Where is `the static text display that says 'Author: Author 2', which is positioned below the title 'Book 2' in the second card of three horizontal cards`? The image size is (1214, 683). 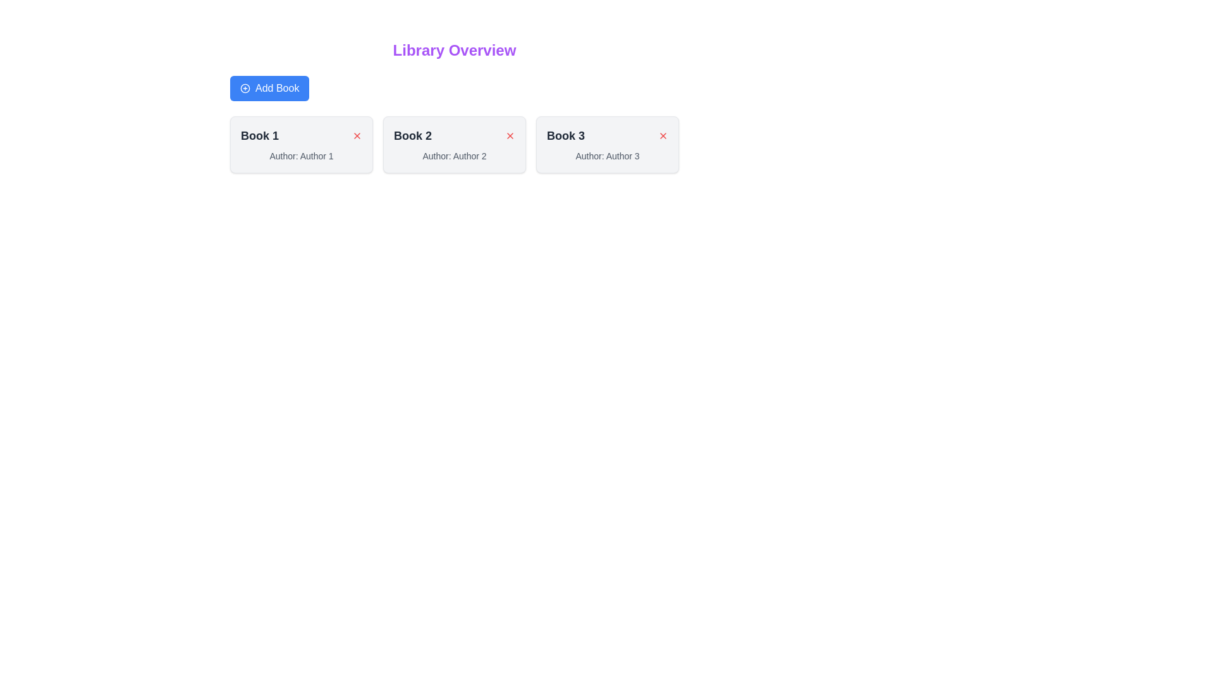 the static text display that says 'Author: Author 2', which is positioned below the title 'Book 2' in the second card of three horizontal cards is located at coordinates (455, 155).